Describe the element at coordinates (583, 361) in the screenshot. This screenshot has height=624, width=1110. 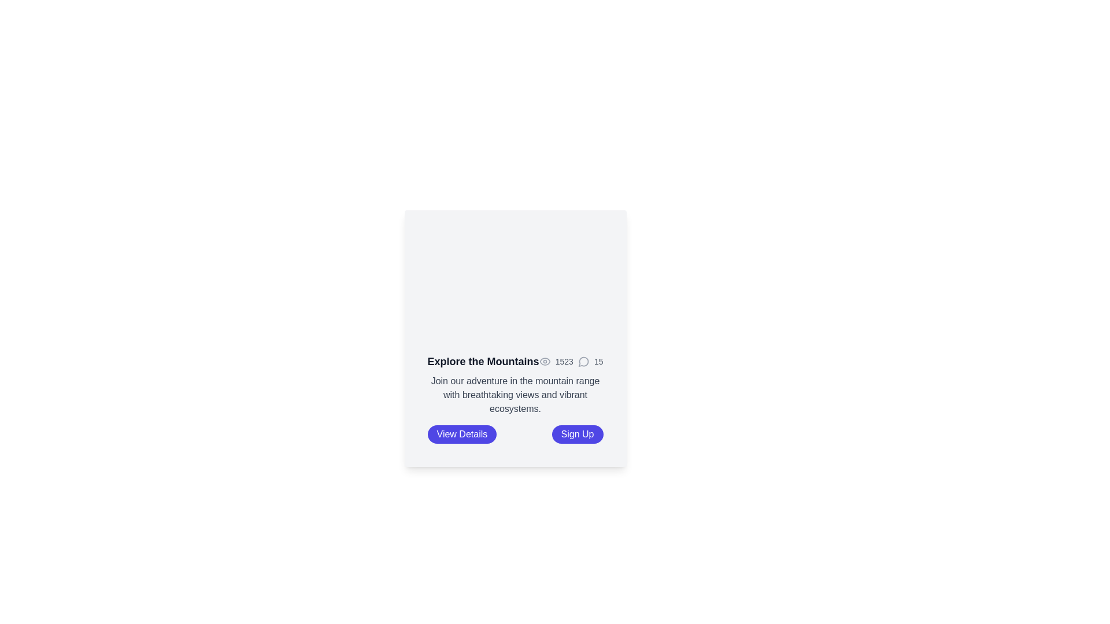
I see `the speech bubble icon, which is light gray and minimalistic, located immediately to the right of the text '1523' in the top section of the card` at that location.